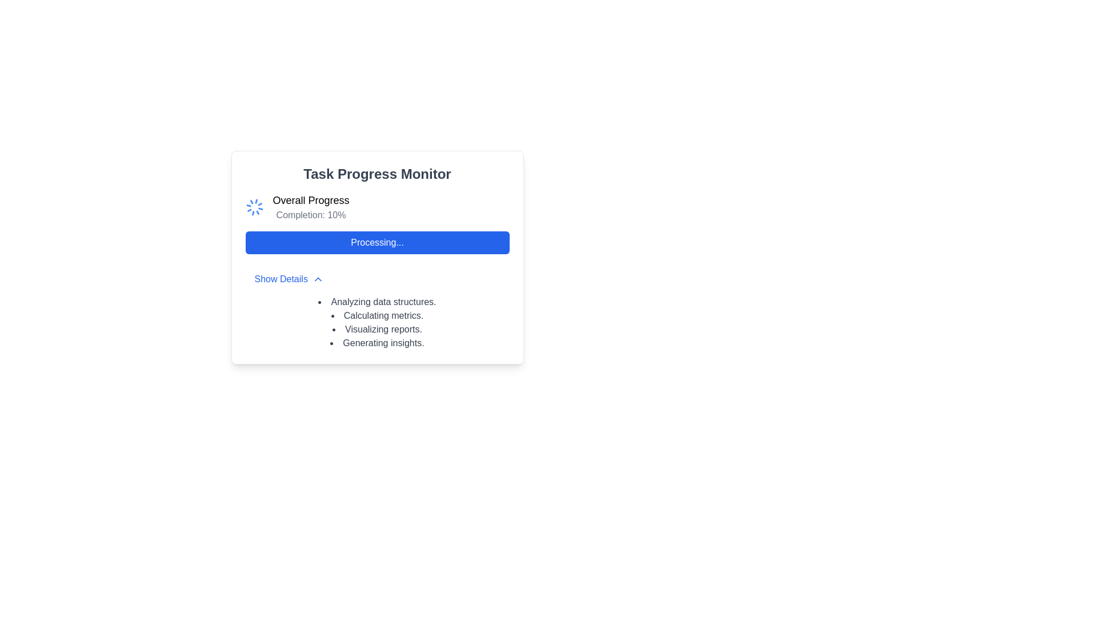 The image size is (1097, 617). I want to click on the text item reading 'Analyzing data structures.' which is the first item in a bulleted list under the section titled 'Show Details ▲' in the 'Task Progress Monitor' modal, so click(377, 301).